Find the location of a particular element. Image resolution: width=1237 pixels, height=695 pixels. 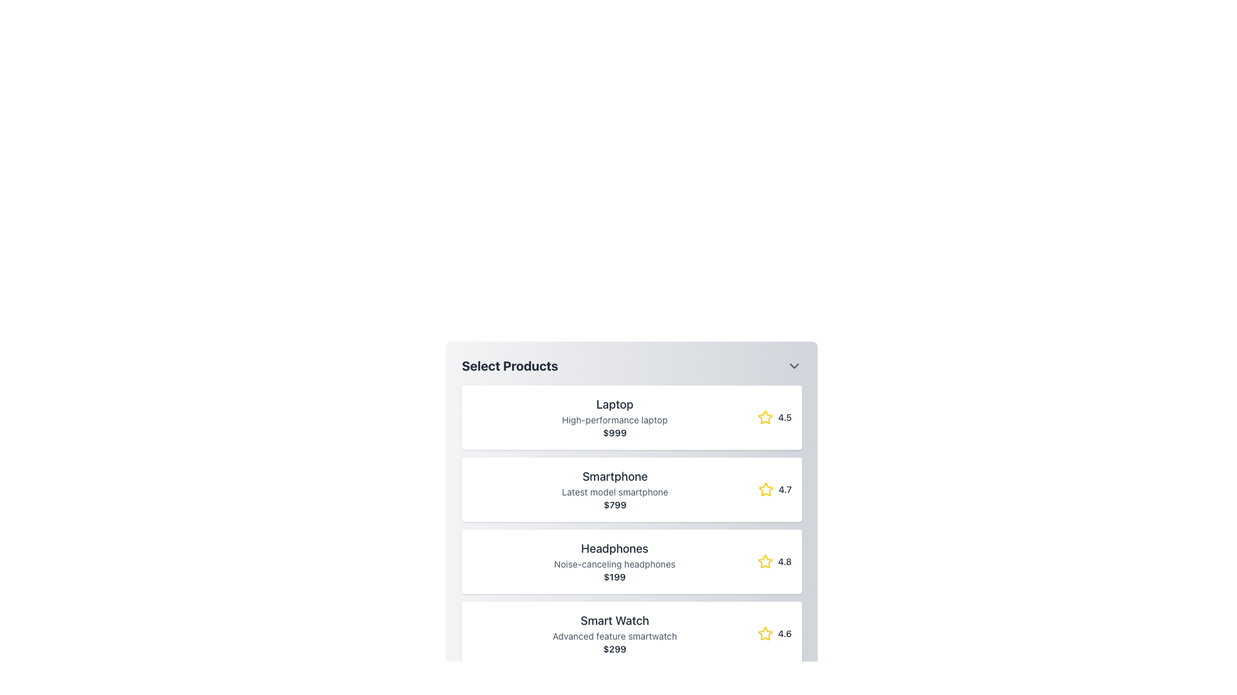

the product title text label located at the top-left of the product card is located at coordinates (614, 620).